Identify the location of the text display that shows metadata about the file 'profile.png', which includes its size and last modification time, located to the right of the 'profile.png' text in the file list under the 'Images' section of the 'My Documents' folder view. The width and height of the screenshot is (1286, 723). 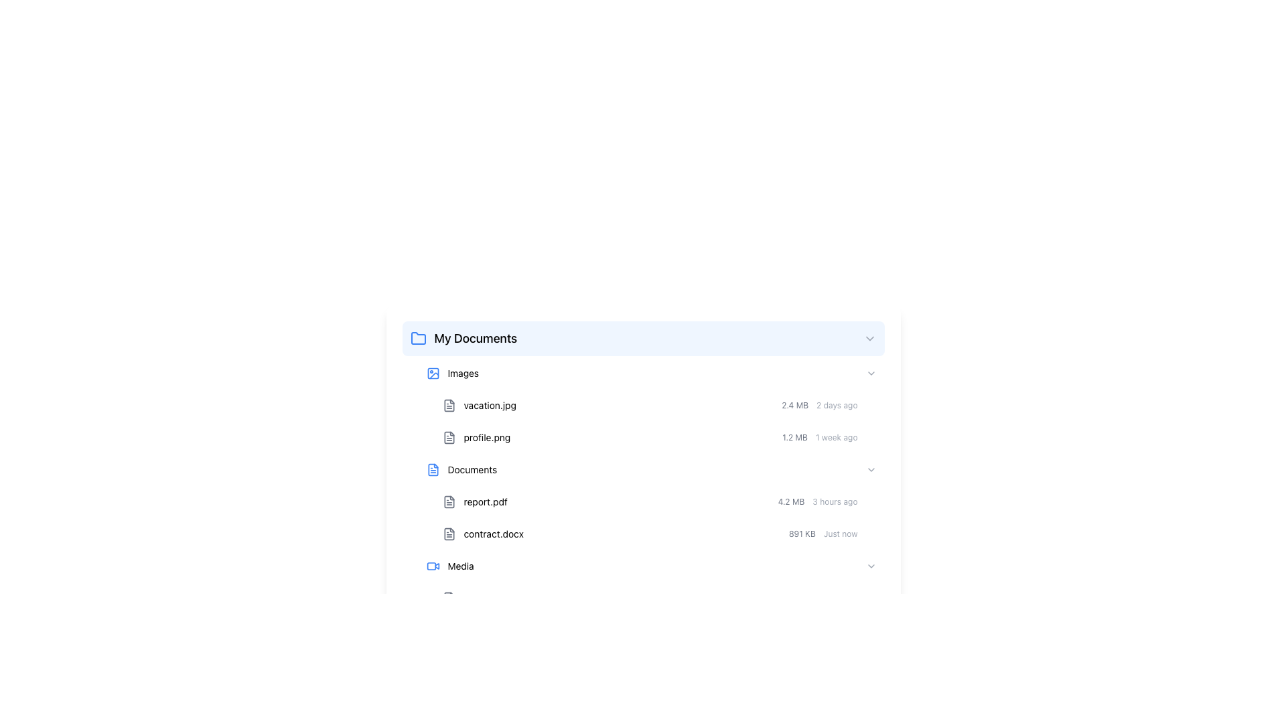
(829, 438).